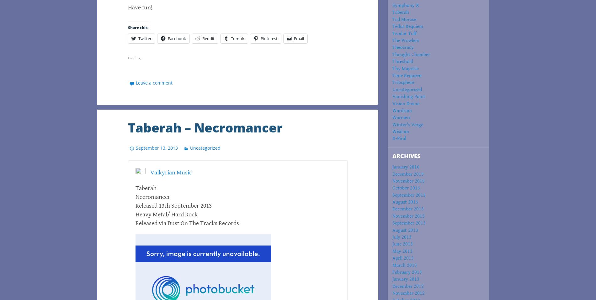 The image size is (596, 300). Describe the element at coordinates (187, 223) in the screenshot. I see `'Released via Dust On The Tracks Records'` at that location.